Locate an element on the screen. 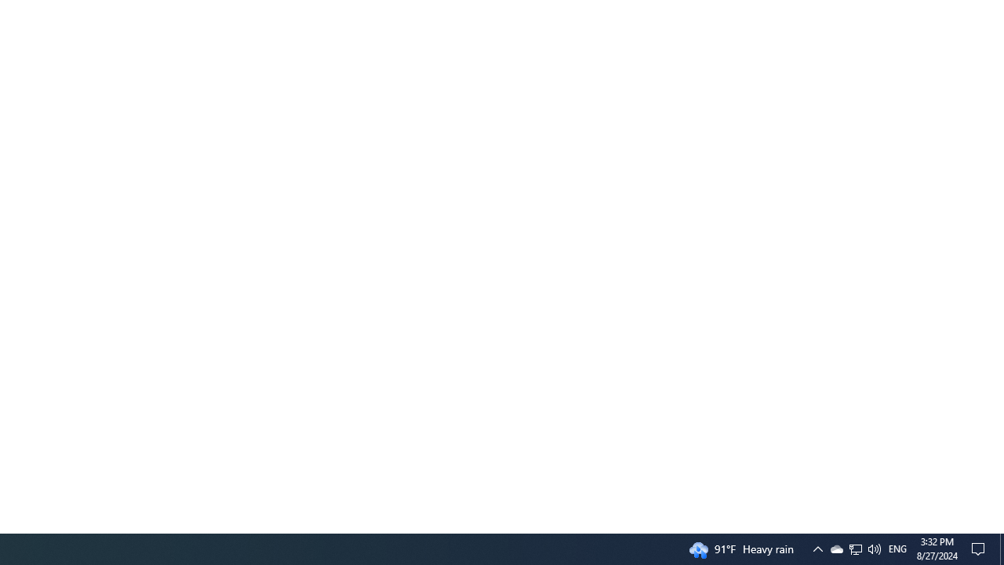  'Q2790: 100%' is located at coordinates (873, 548).